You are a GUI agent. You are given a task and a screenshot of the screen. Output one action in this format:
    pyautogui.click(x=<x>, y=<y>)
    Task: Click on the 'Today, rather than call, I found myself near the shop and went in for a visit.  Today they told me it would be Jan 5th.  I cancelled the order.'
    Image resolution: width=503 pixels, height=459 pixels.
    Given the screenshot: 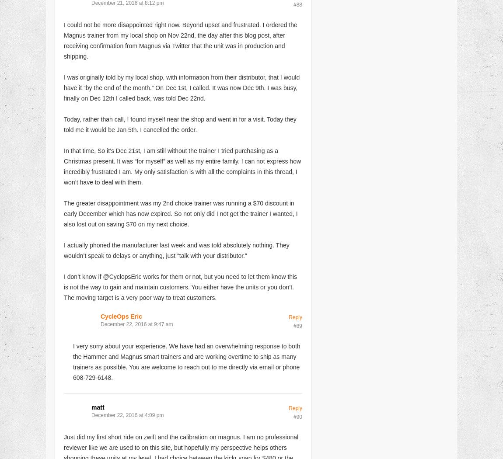 What is the action you would take?
    pyautogui.click(x=180, y=124)
    